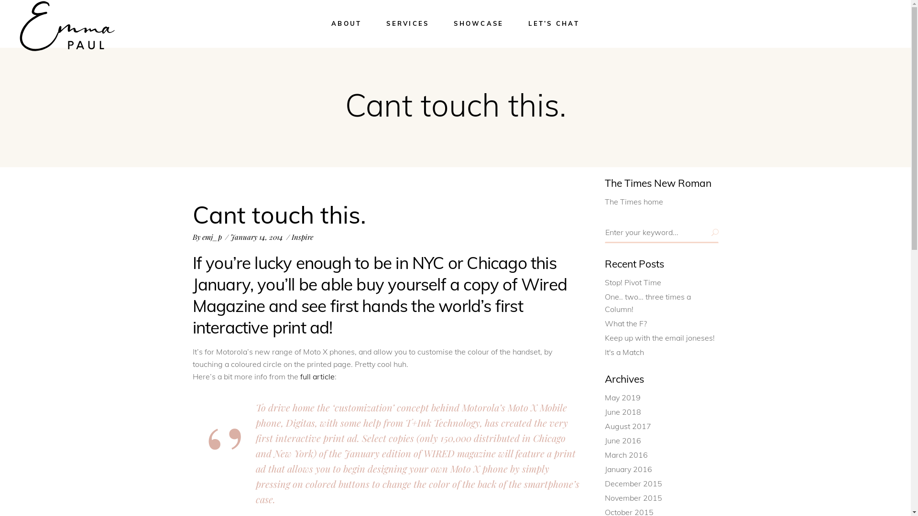  Describe the element at coordinates (623, 440) in the screenshot. I see `'June 2016'` at that location.